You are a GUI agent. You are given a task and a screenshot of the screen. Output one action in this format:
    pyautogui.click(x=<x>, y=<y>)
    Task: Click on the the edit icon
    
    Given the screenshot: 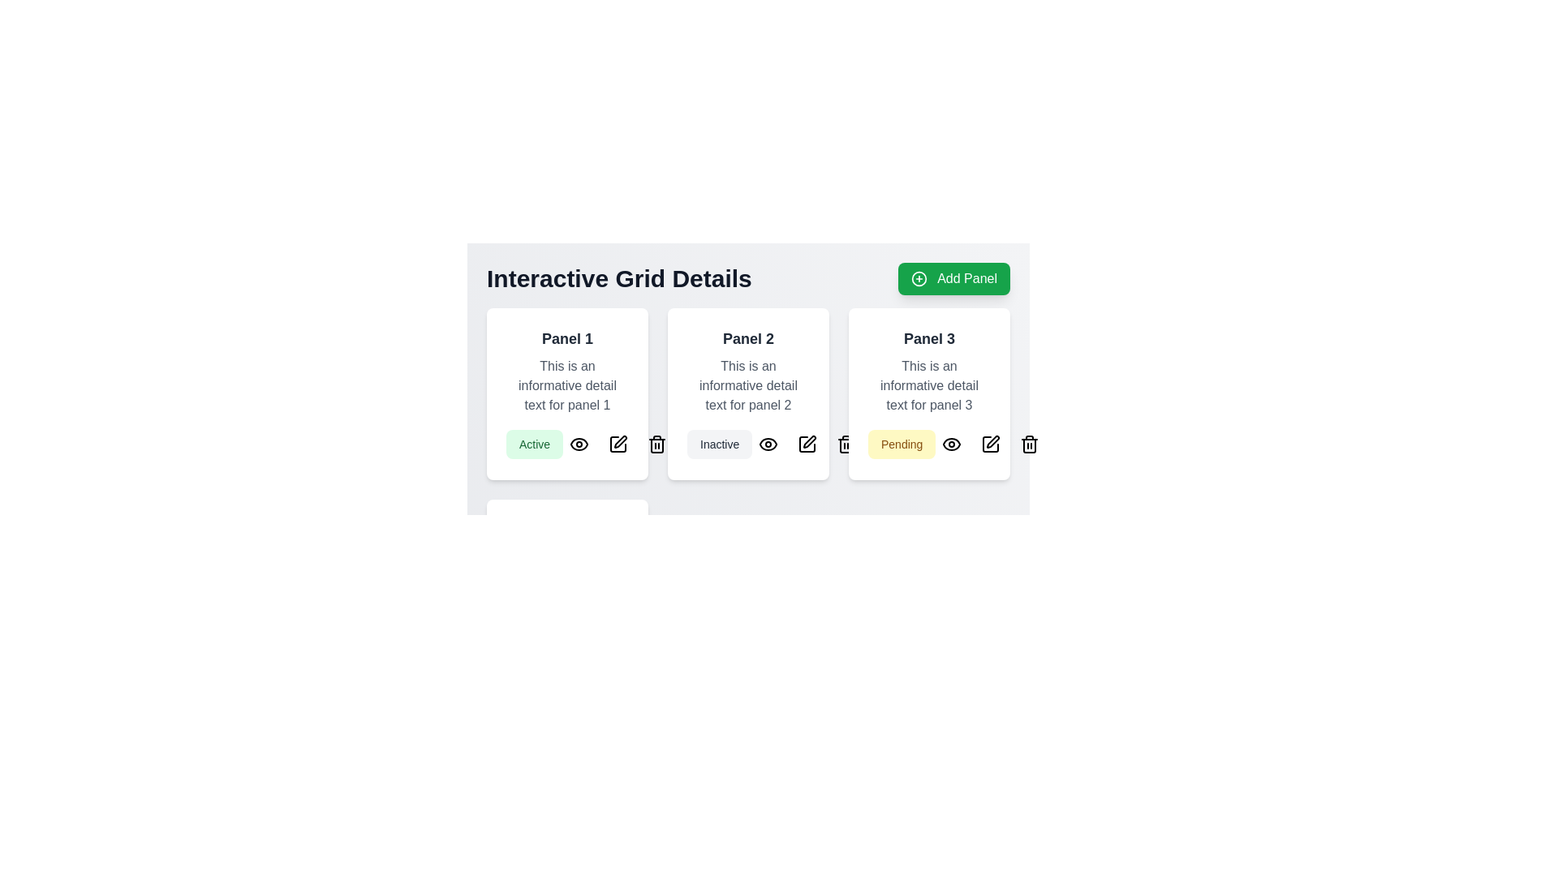 What is the action you would take?
    pyautogui.click(x=989, y=444)
    